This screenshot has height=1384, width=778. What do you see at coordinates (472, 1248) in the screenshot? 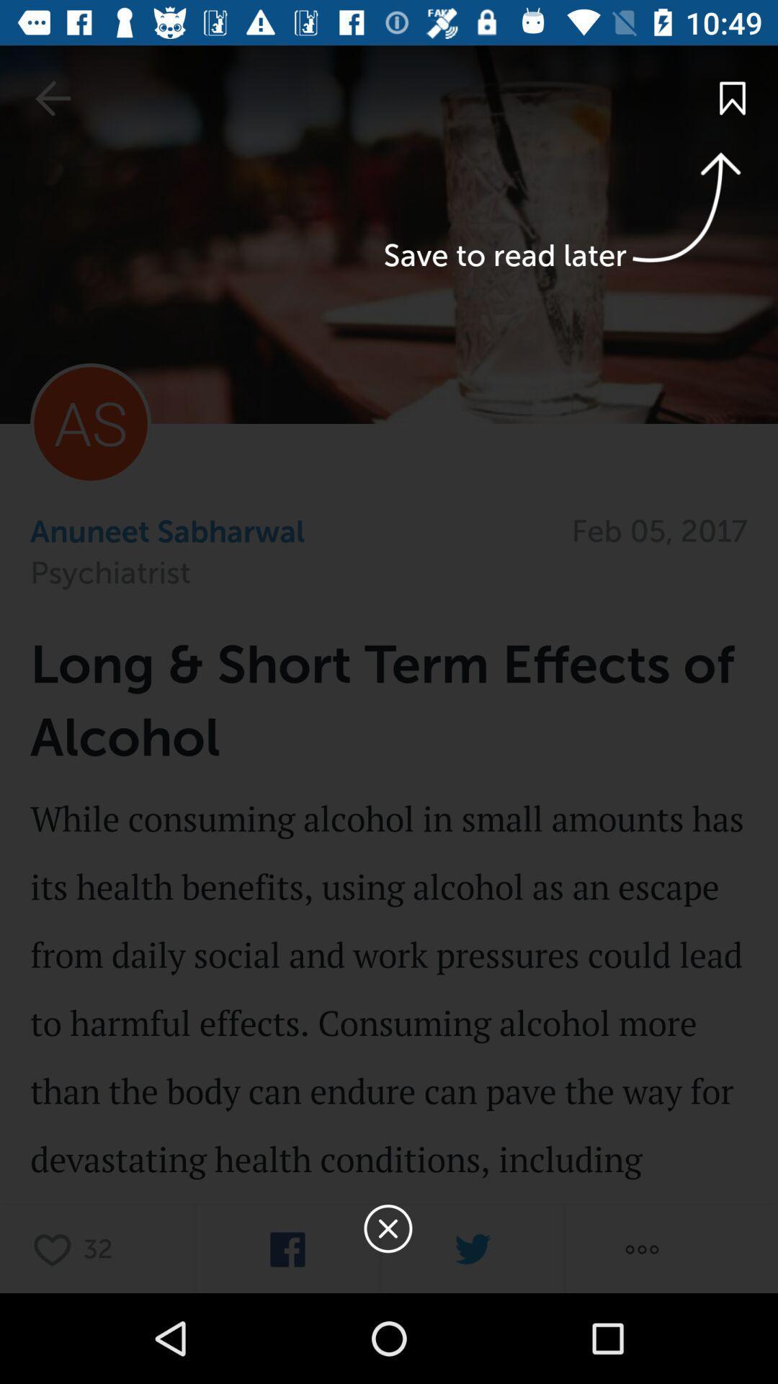
I see `share on twitter` at bounding box center [472, 1248].